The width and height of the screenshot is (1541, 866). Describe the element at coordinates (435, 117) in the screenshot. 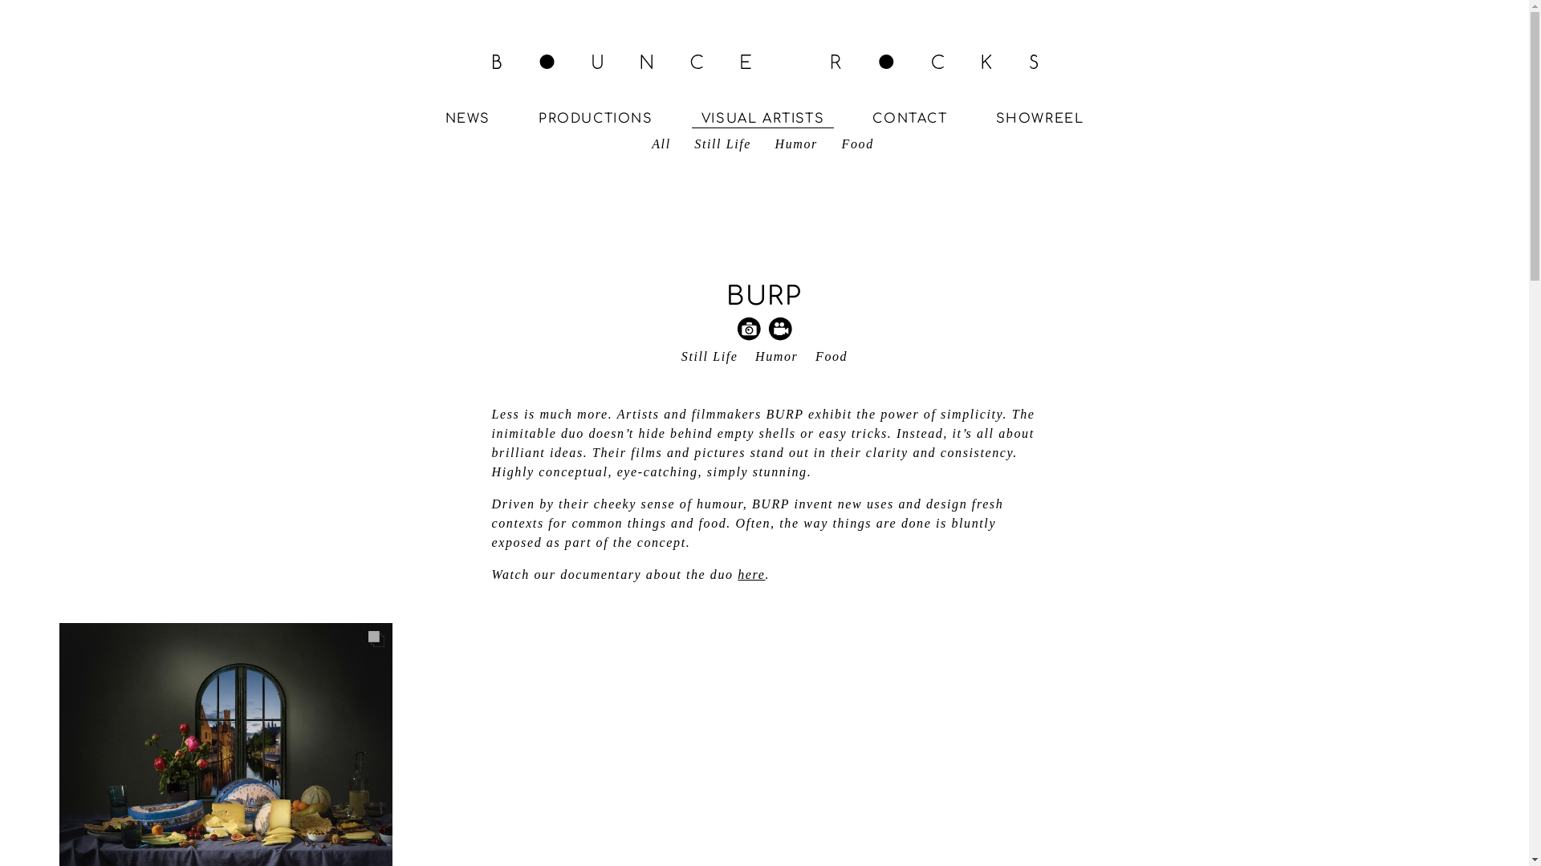

I see `'NEWS'` at that location.